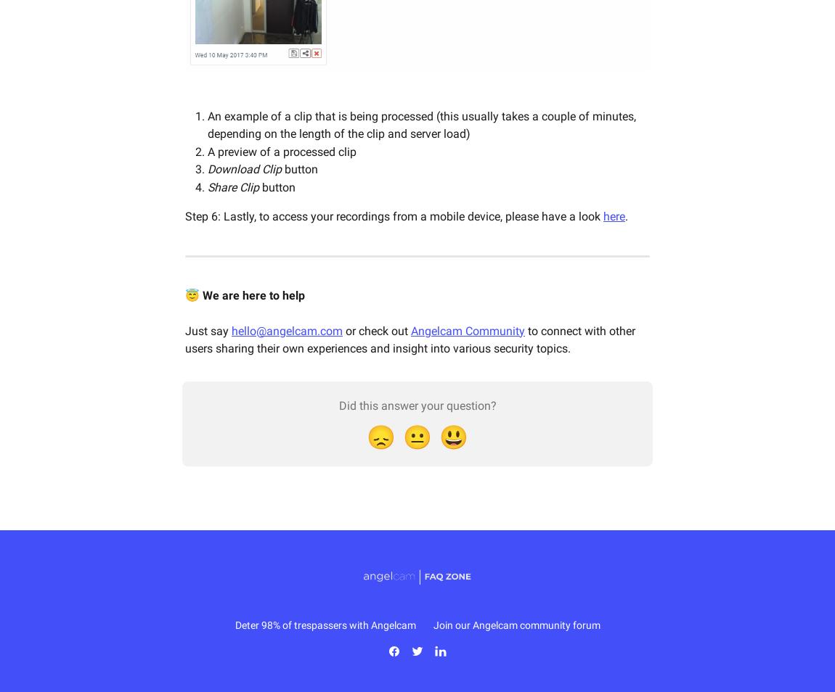  I want to click on 'Join our Angelcam community forum', so click(516, 625).